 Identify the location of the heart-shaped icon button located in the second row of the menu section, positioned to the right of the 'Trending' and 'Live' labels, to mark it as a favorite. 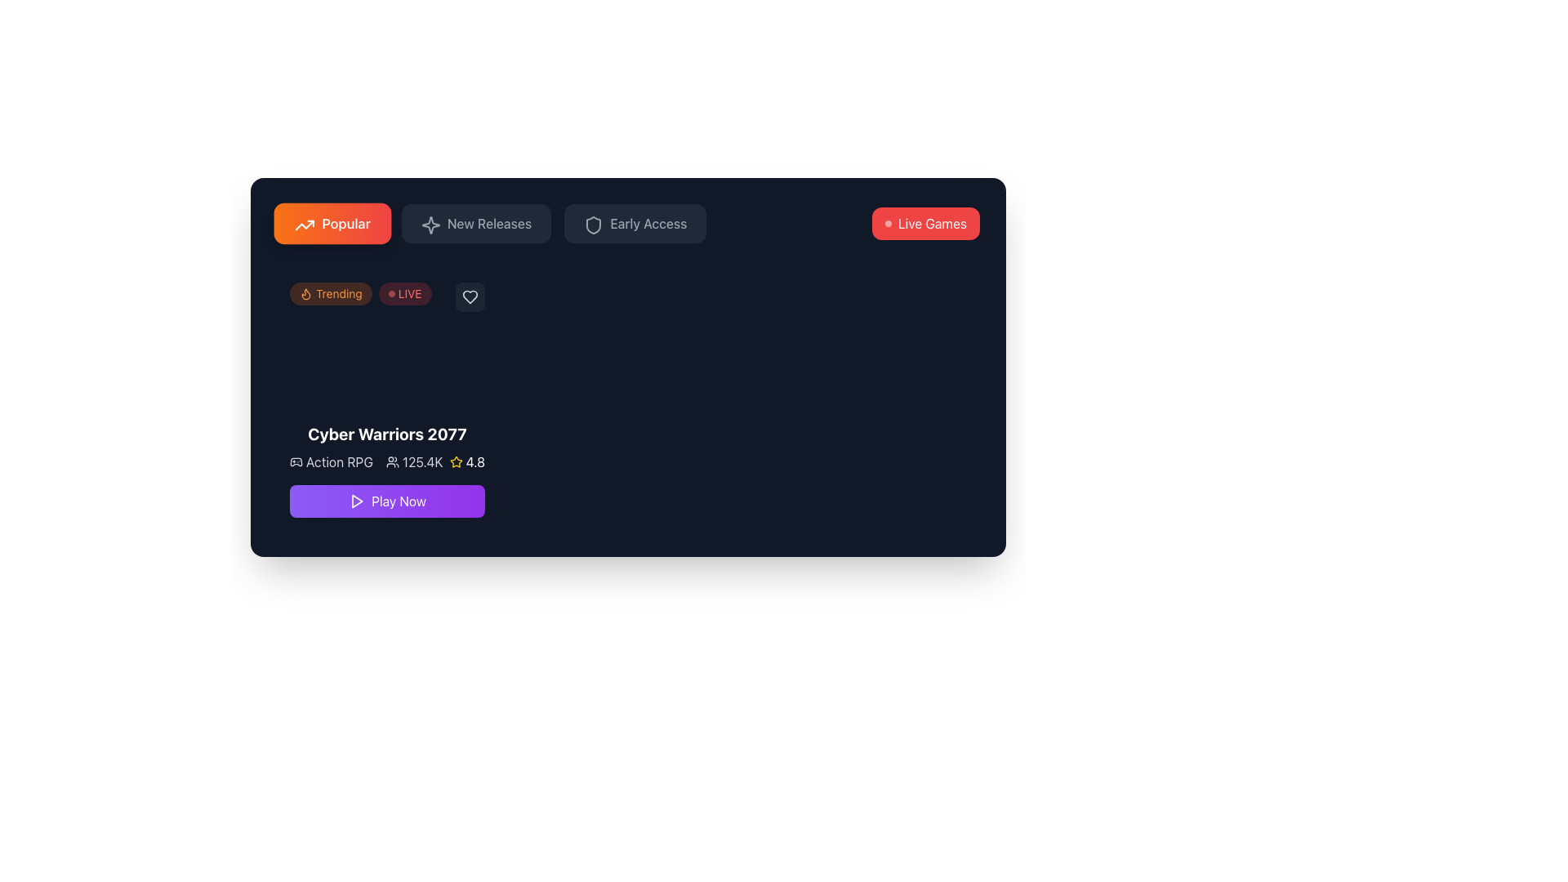
(470, 296).